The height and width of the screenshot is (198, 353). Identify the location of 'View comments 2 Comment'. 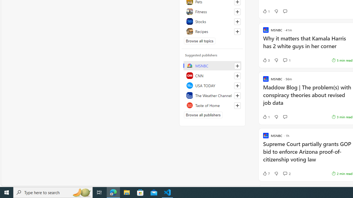
(285, 174).